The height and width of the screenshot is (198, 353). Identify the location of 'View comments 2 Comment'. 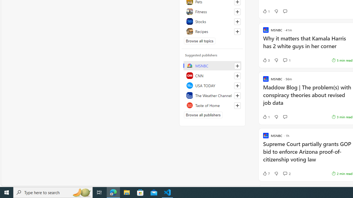
(285, 174).